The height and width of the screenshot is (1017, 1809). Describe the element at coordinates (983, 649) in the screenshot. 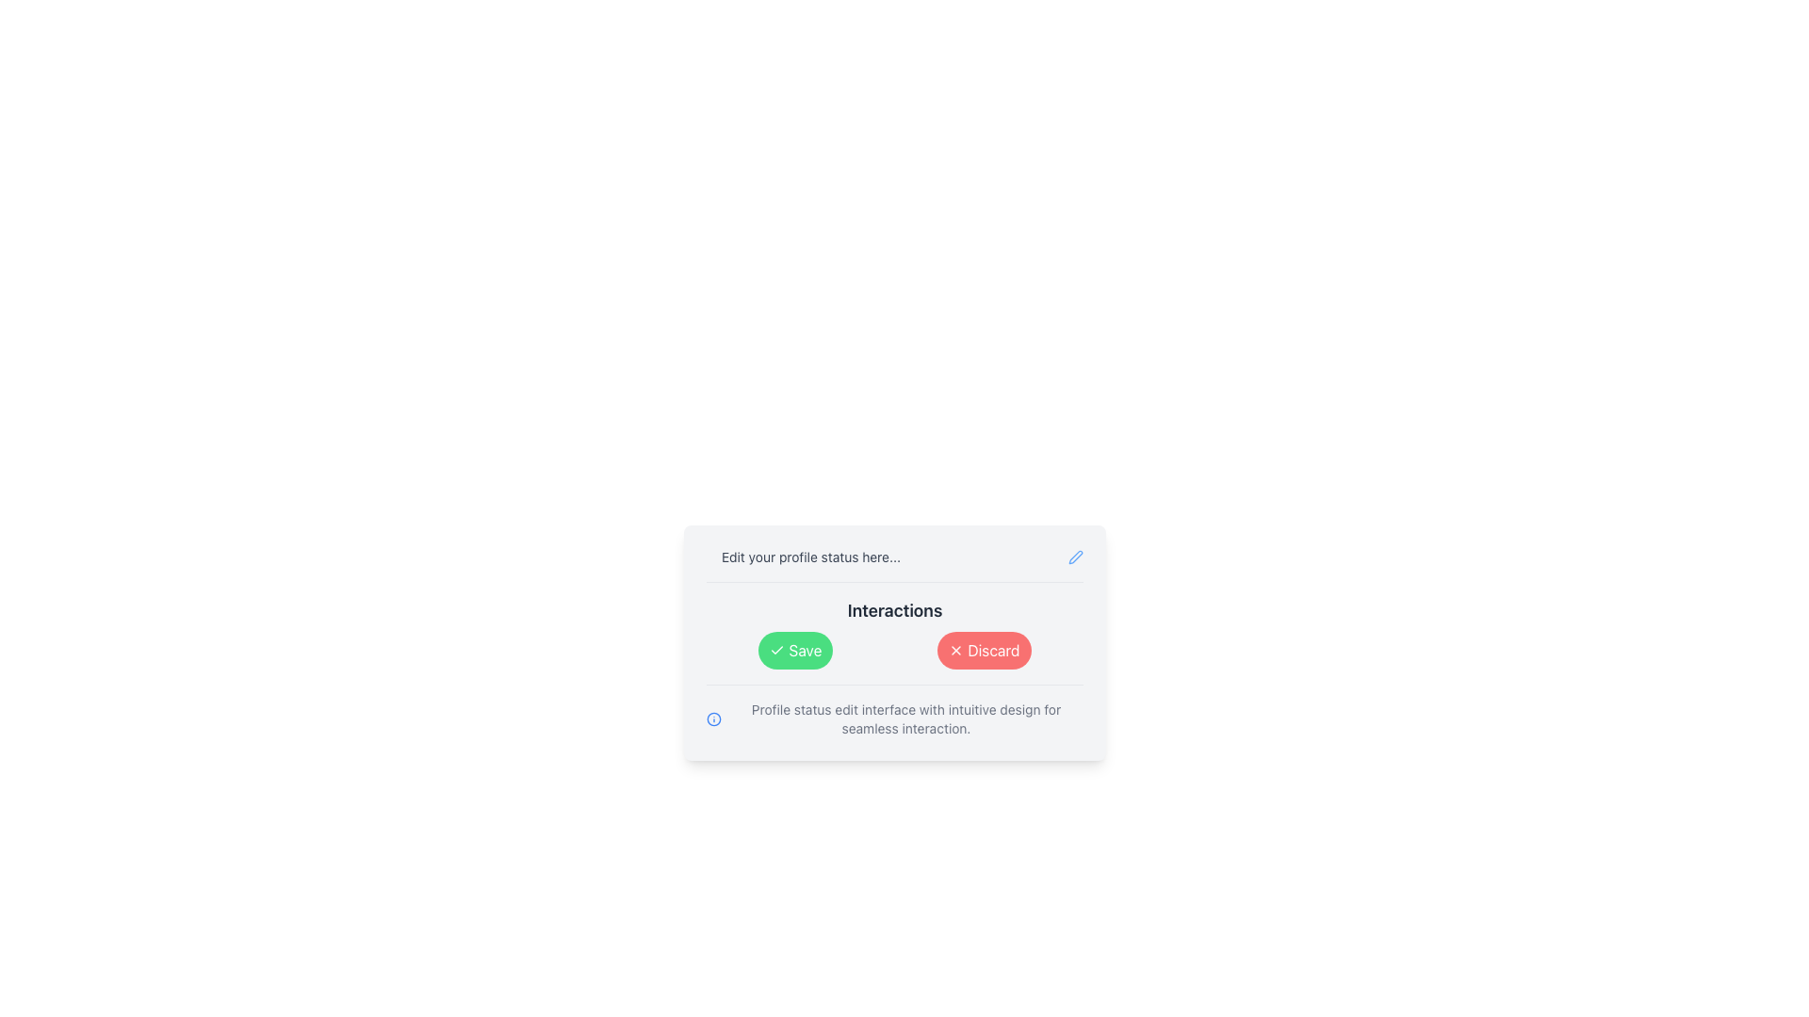

I see `the 'Discard' button with rounded corners, red background, and white text` at that location.